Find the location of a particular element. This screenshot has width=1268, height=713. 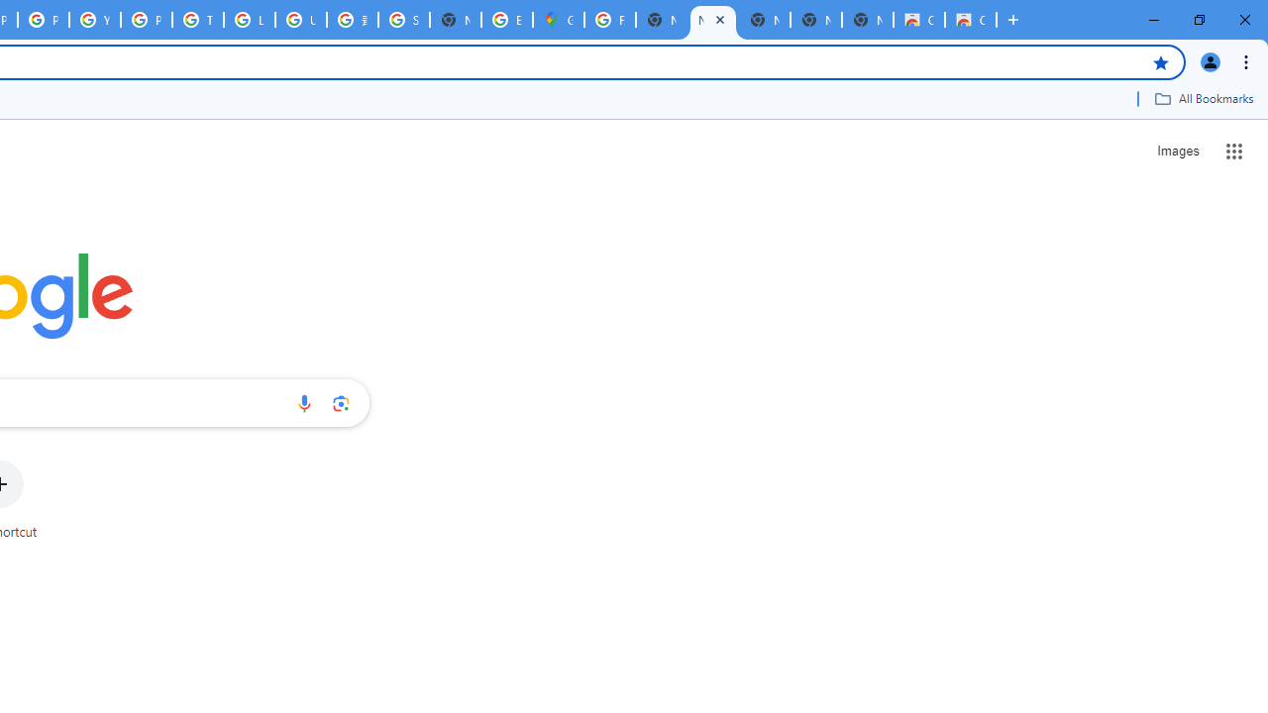

'Google Maps' is located at coordinates (557, 20).